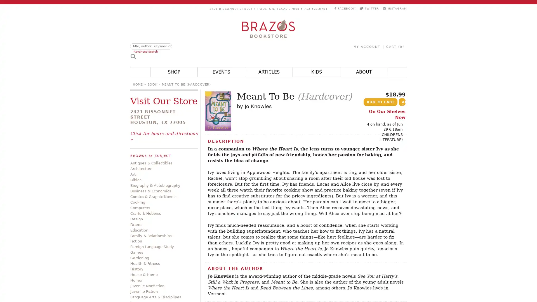 The height and width of the screenshot is (302, 537). What do you see at coordinates (133, 56) in the screenshot?
I see `Search` at bounding box center [133, 56].